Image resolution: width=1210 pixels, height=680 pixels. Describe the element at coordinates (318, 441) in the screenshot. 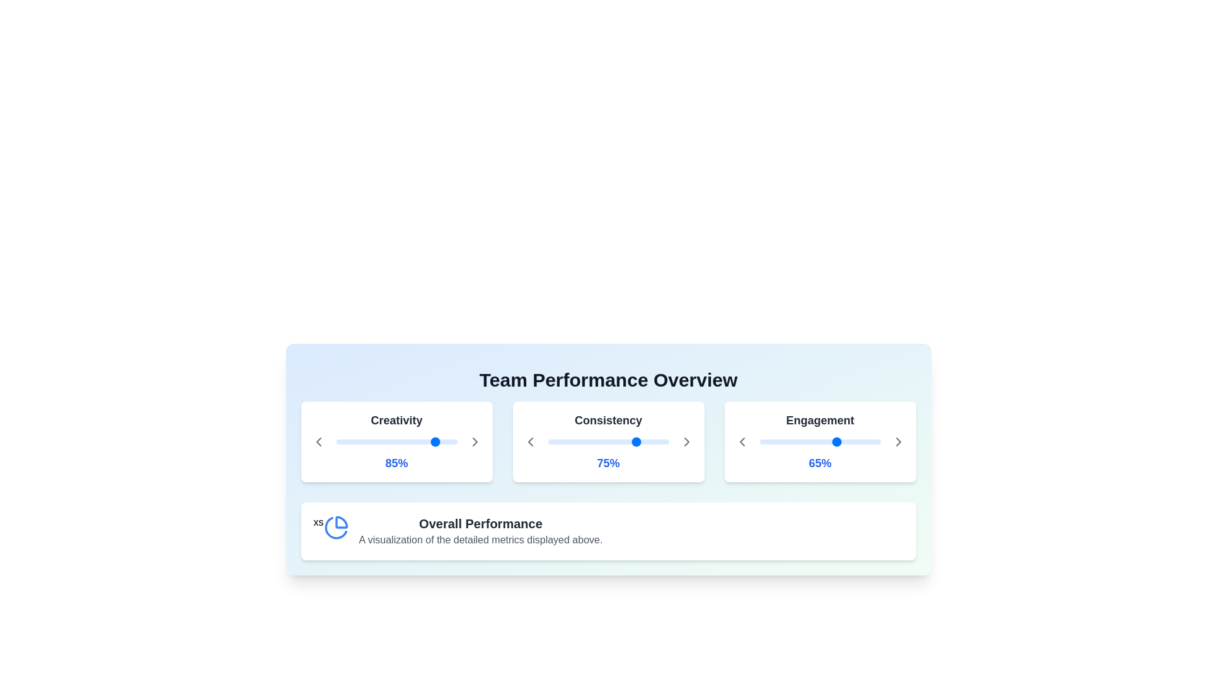

I see `the navigation button located in the left section of the 'Creativity' card to decrease the 'Creativity' value` at that location.